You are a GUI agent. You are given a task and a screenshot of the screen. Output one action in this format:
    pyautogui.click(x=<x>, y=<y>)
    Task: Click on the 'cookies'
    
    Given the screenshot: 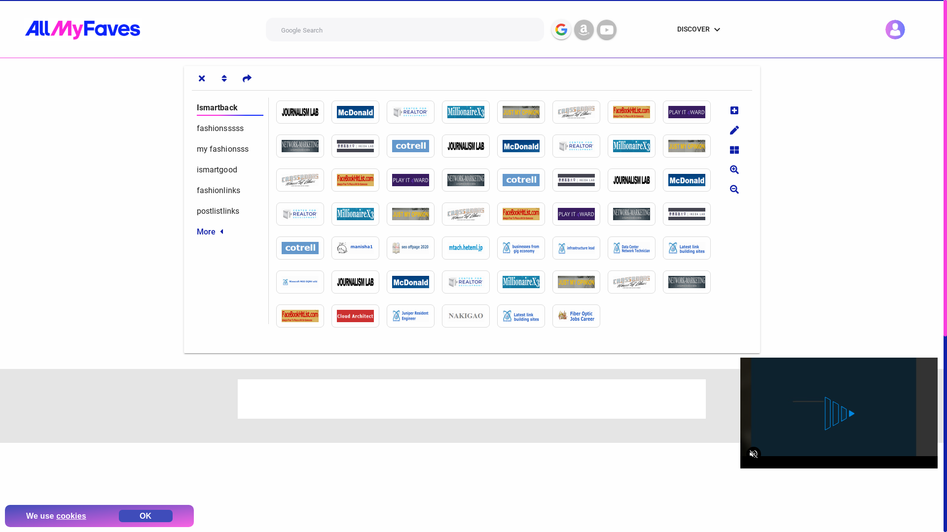 What is the action you would take?
    pyautogui.click(x=71, y=515)
    